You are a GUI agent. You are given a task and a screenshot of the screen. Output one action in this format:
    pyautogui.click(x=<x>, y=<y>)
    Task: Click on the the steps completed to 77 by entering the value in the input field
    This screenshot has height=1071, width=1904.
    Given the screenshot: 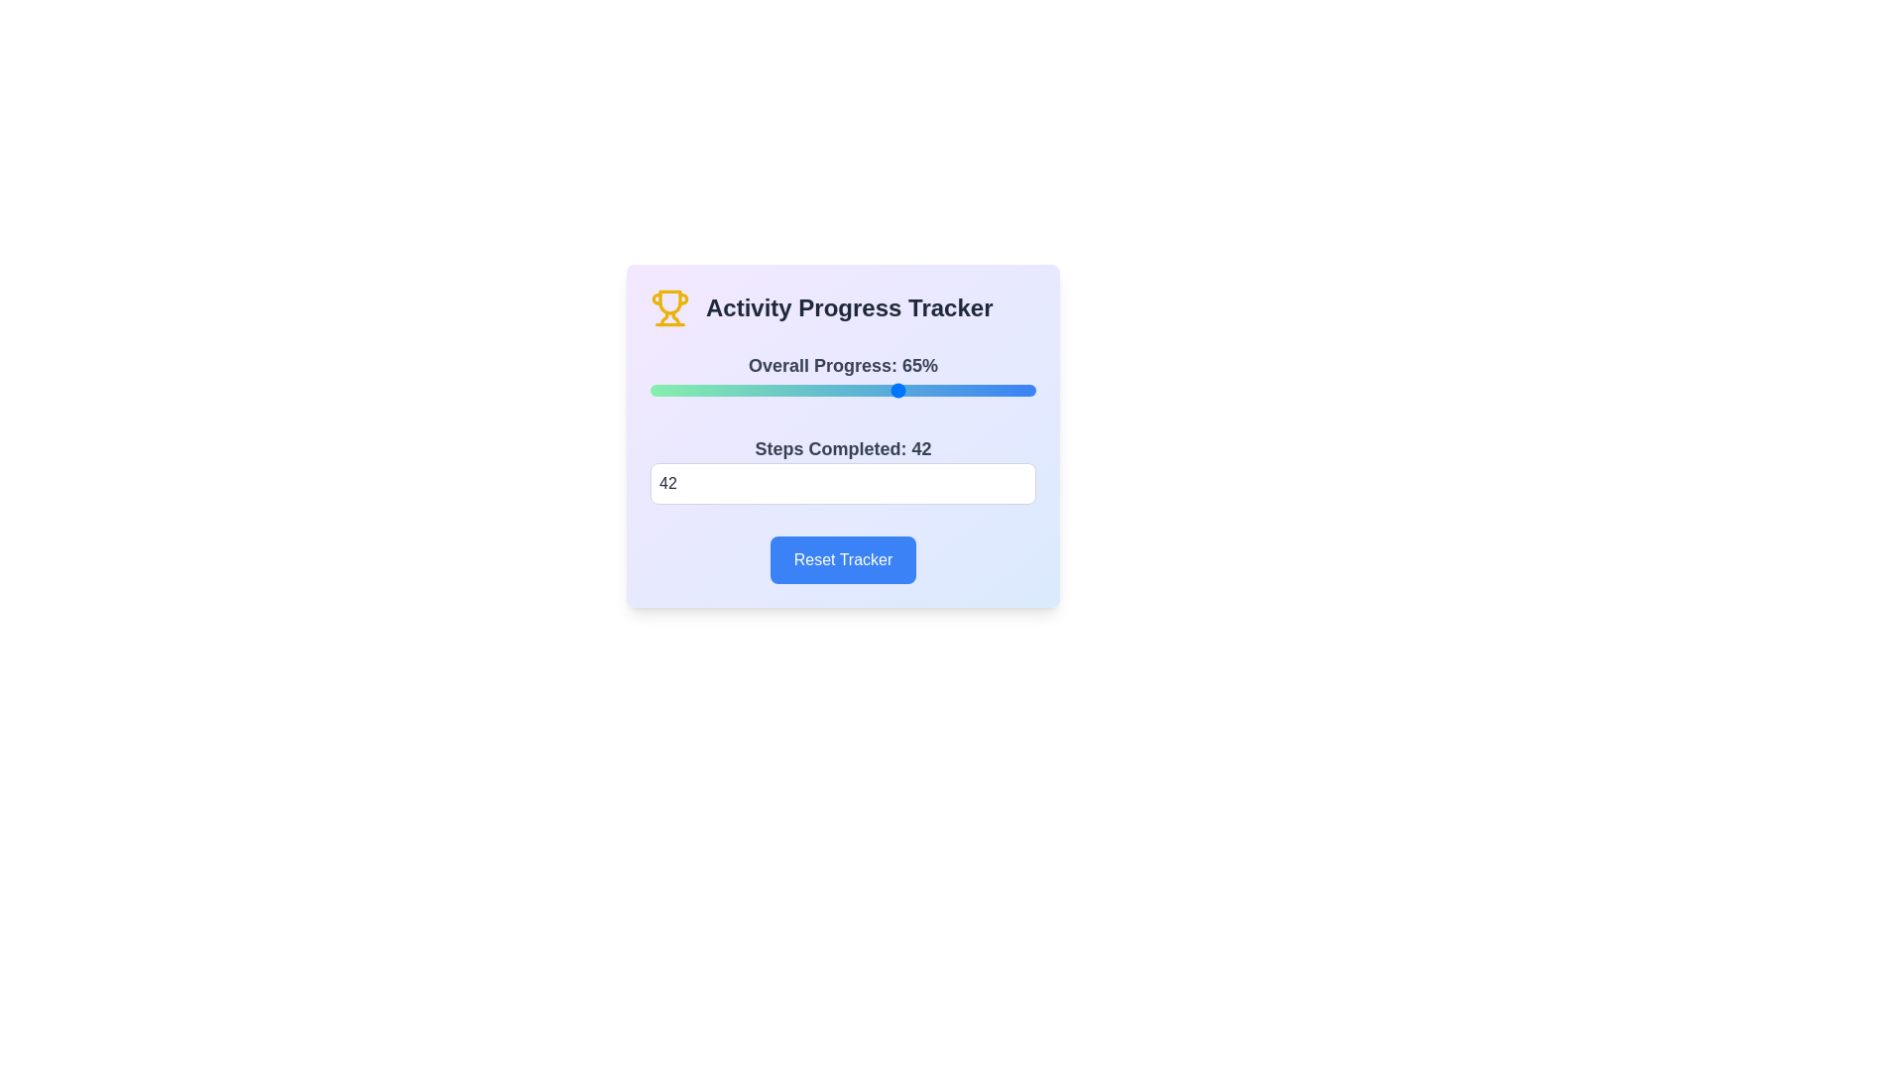 What is the action you would take?
    pyautogui.click(x=843, y=484)
    